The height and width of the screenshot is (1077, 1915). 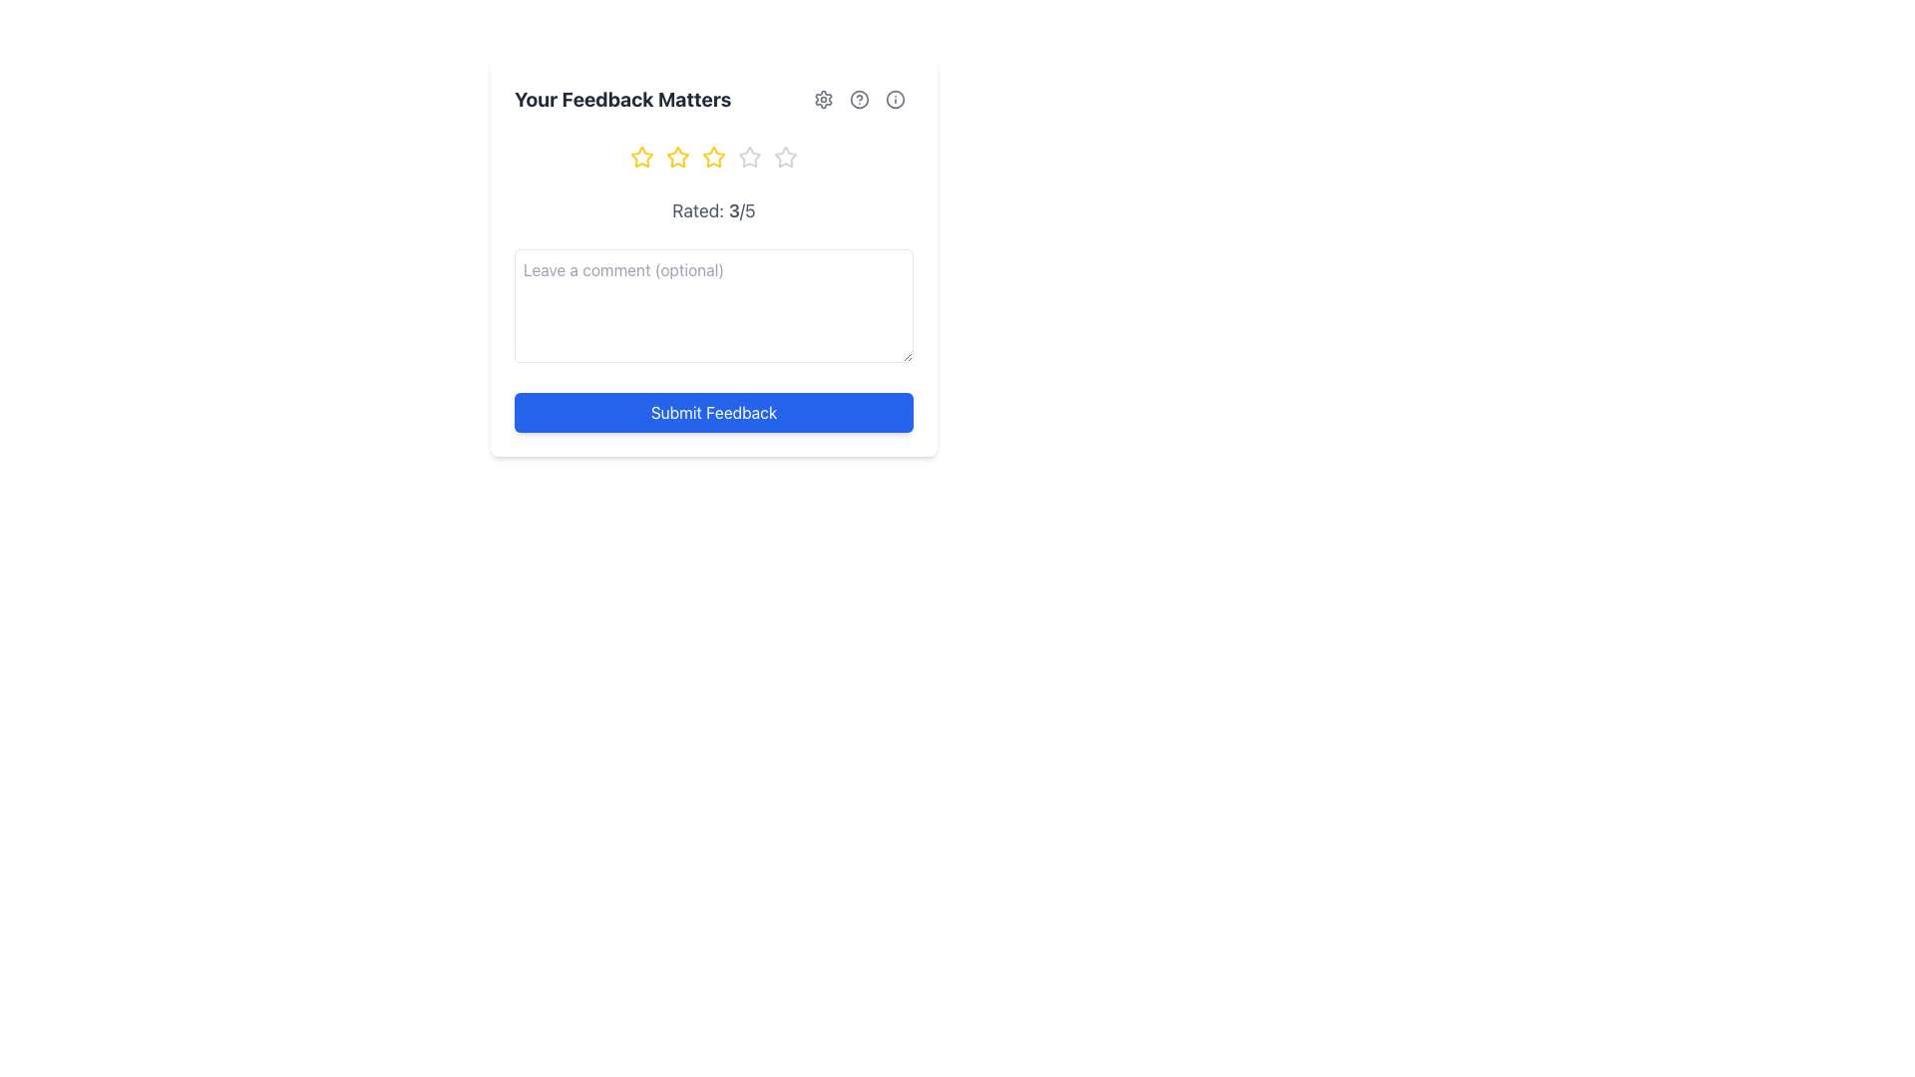 I want to click on the fourth star icon, so click(x=749, y=157).